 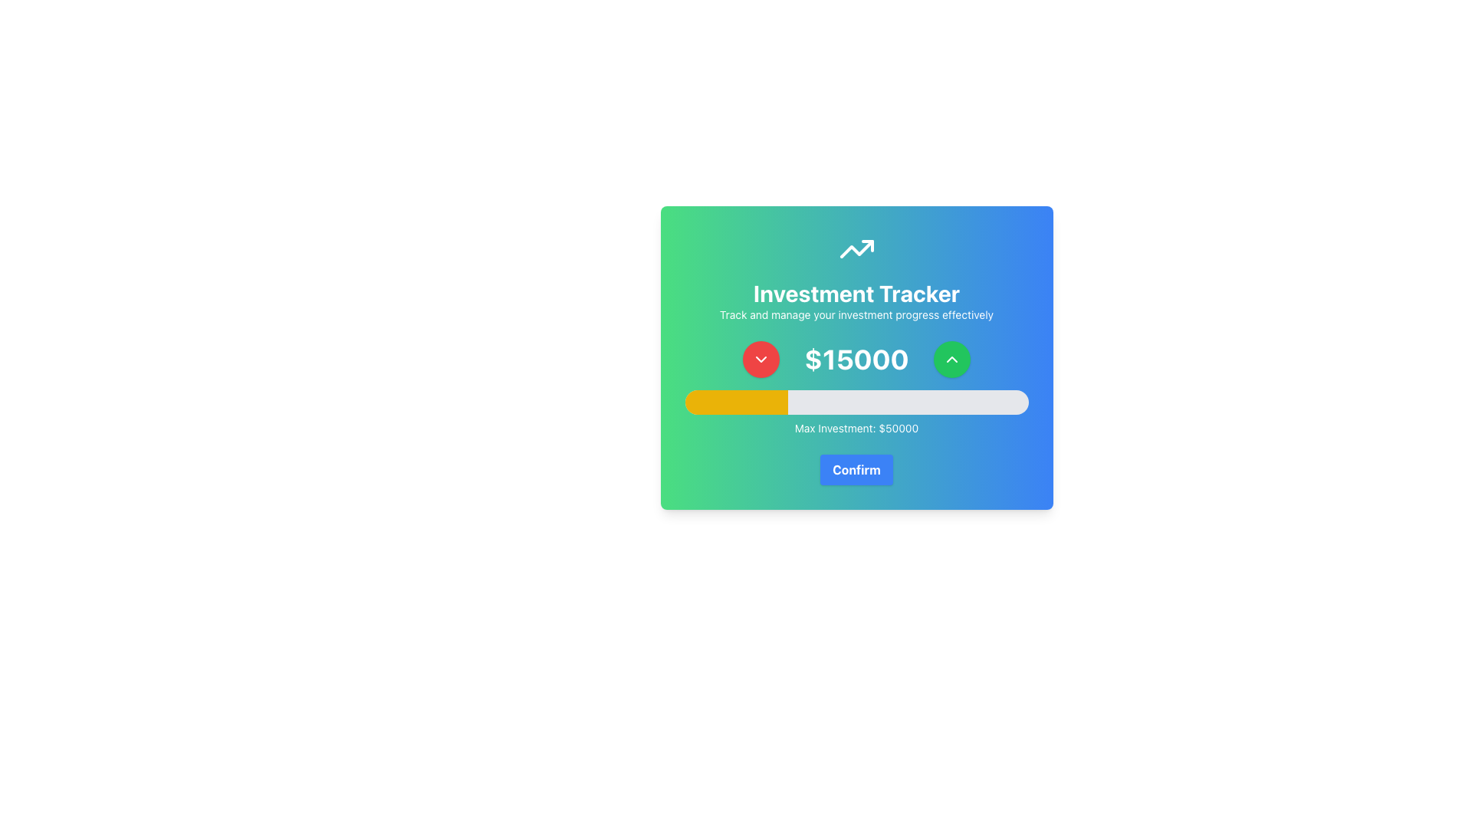 What do you see at coordinates (951, 360) in the screenshot?
I see `the circular green button with a white upward chevron icon` at bounding box center [951, 360].